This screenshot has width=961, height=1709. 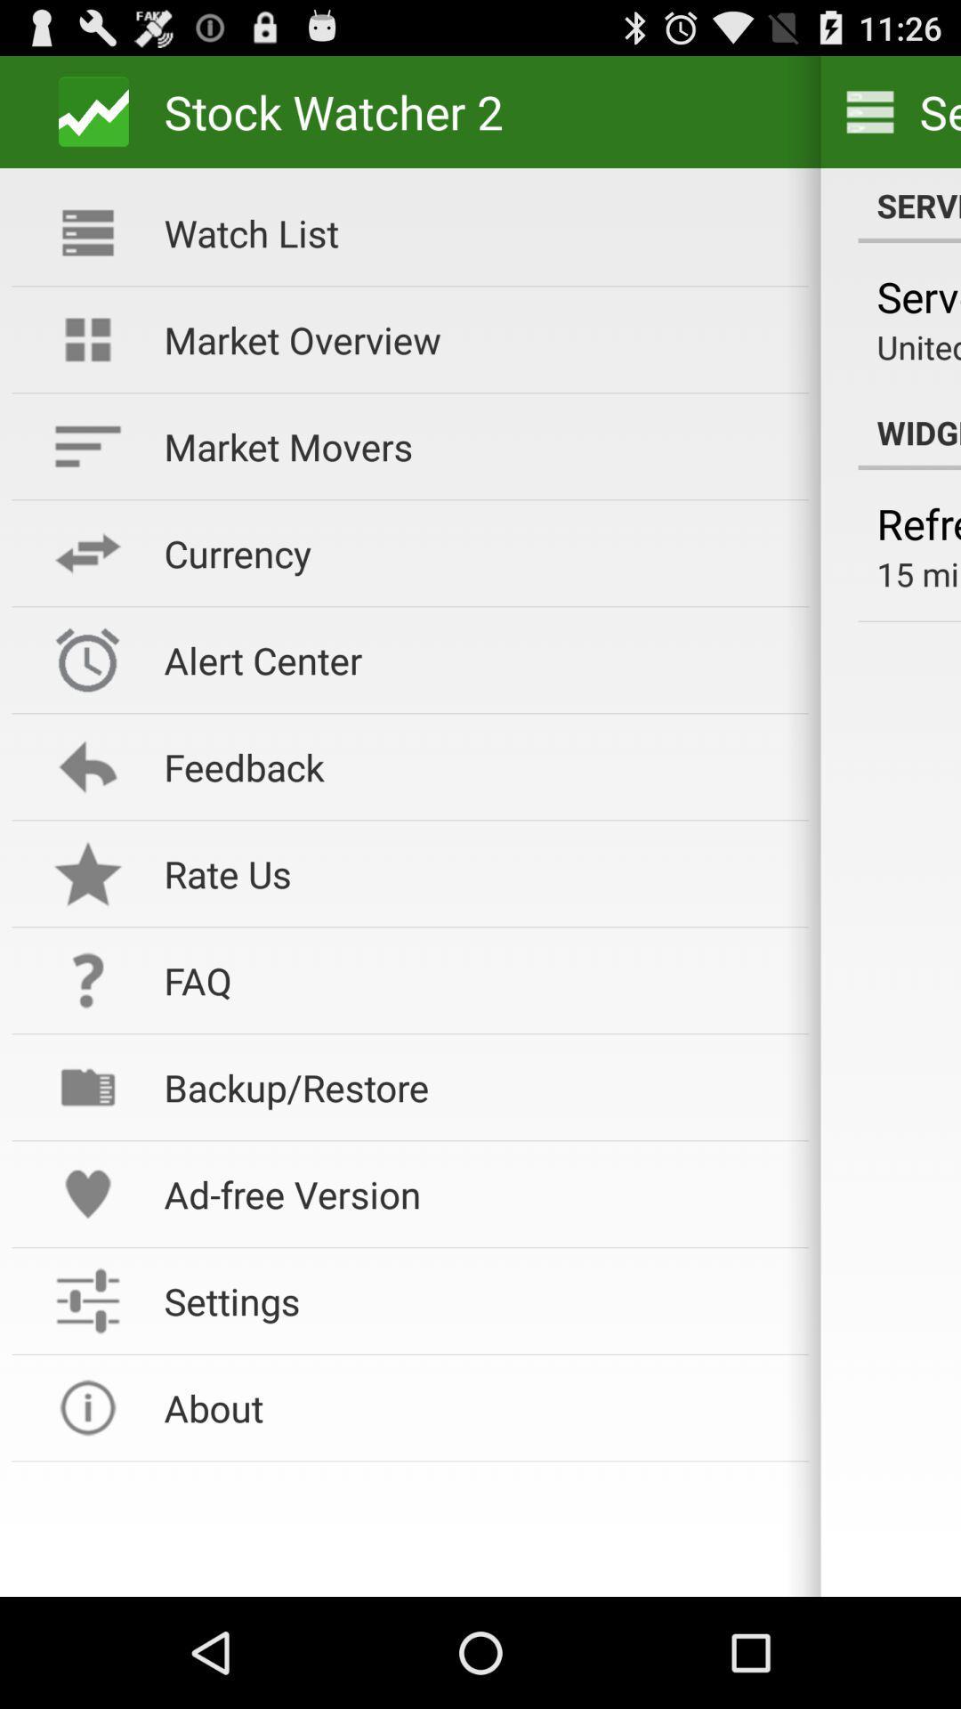 I want to click on item next to widgets icon, so click(x=473, y=339).